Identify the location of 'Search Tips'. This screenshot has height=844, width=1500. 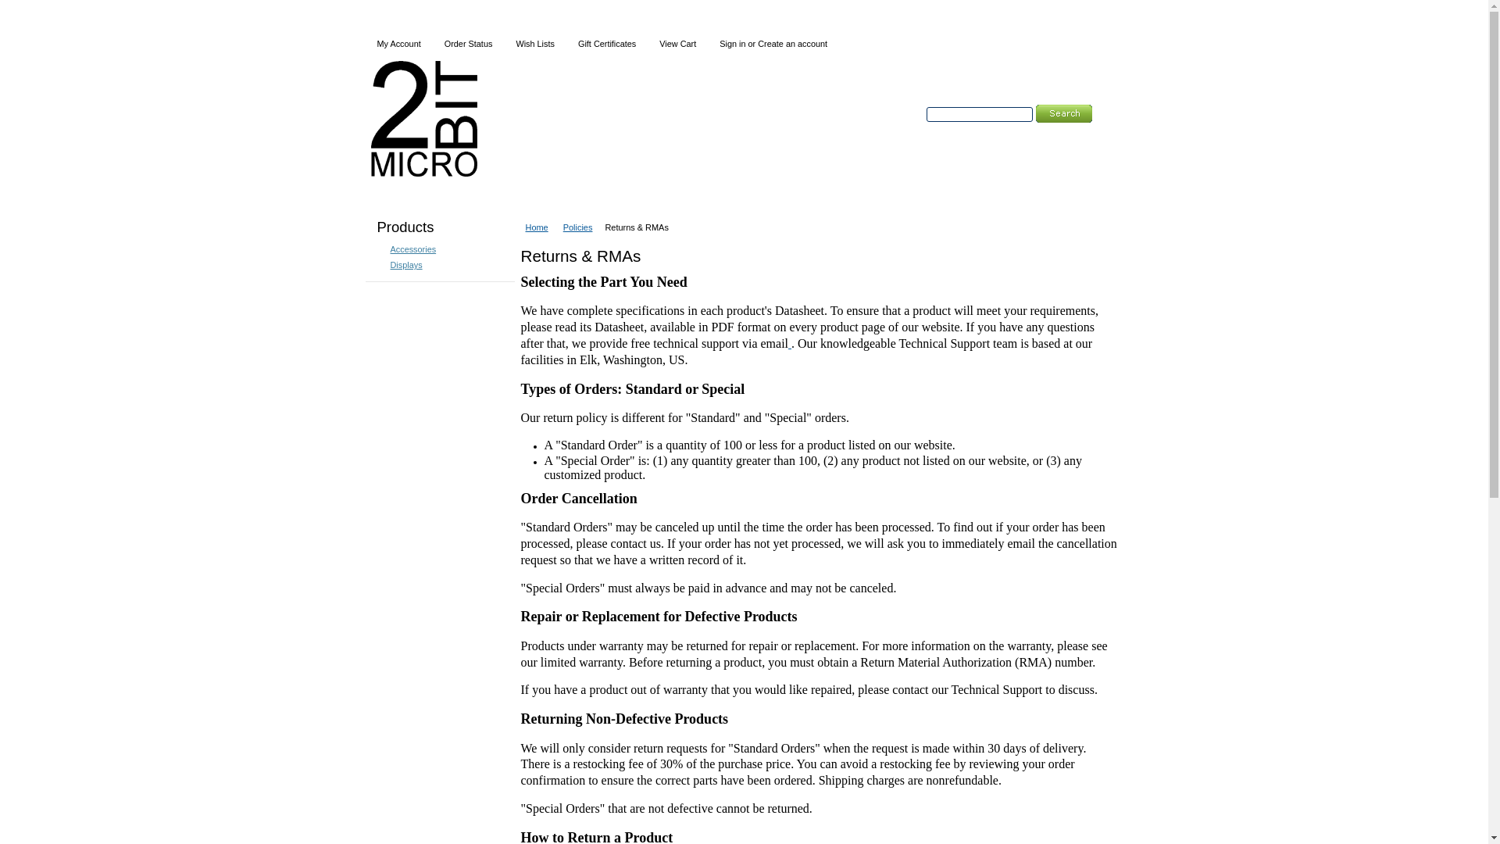
(1030, 131).